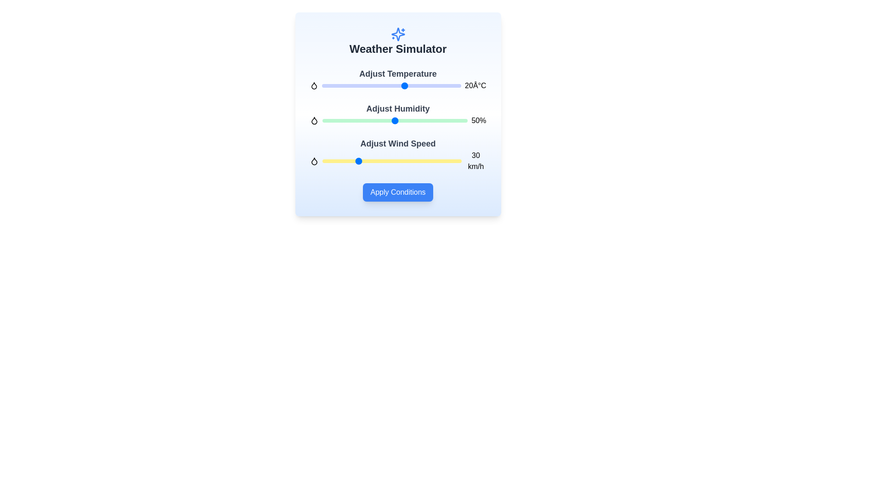  I want to click on the humidity level to 19% by sliding the humidity slider, so click(350, 120).